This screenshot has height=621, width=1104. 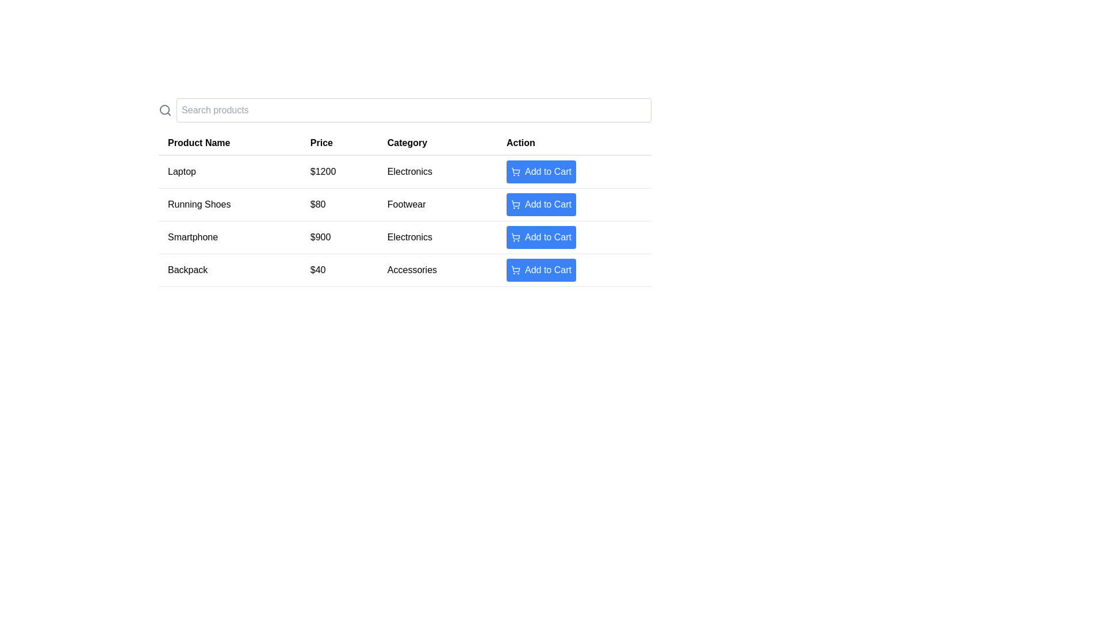 I want to click on the shopping cart icon graphic within the 'Add to Cart' button, which has a blue rectangular background and is located in the fourth row, fourth column of the table, so click(x=515, y=171).